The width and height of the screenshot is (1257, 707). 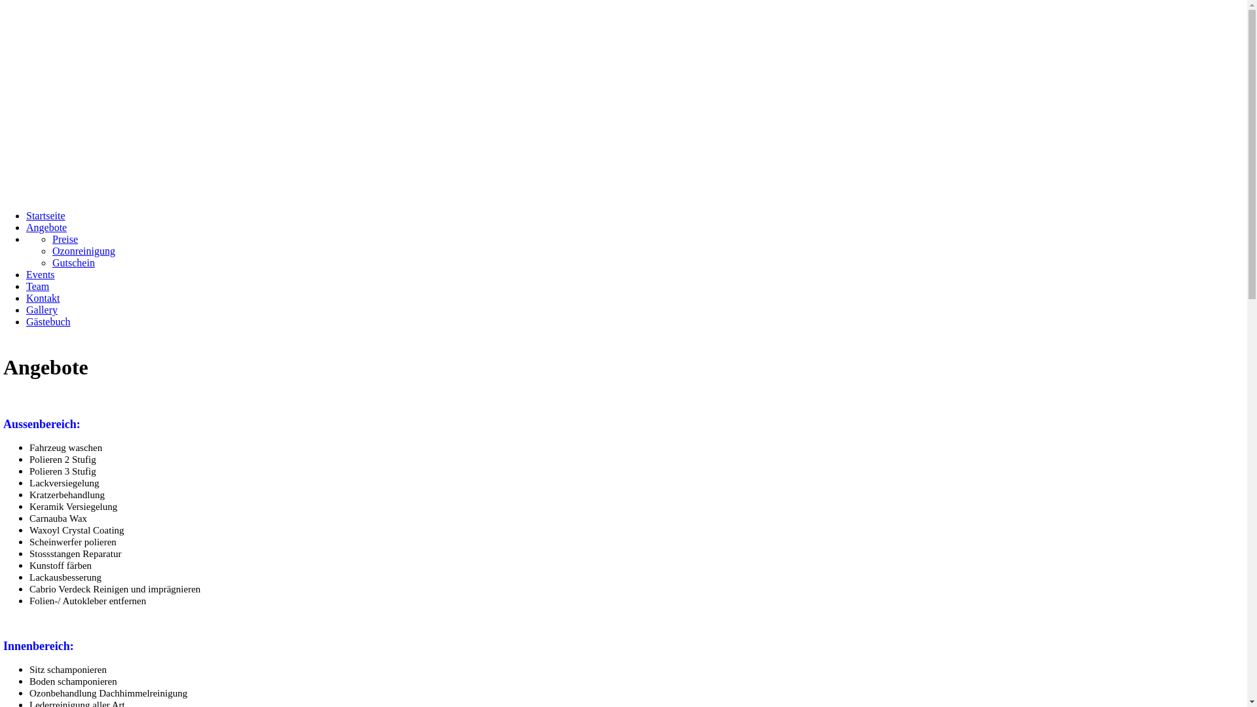 What do you see at coordinates (43, 298) in the screenshot?
I see `'Kontakt'` at bounding box center [43, 298].